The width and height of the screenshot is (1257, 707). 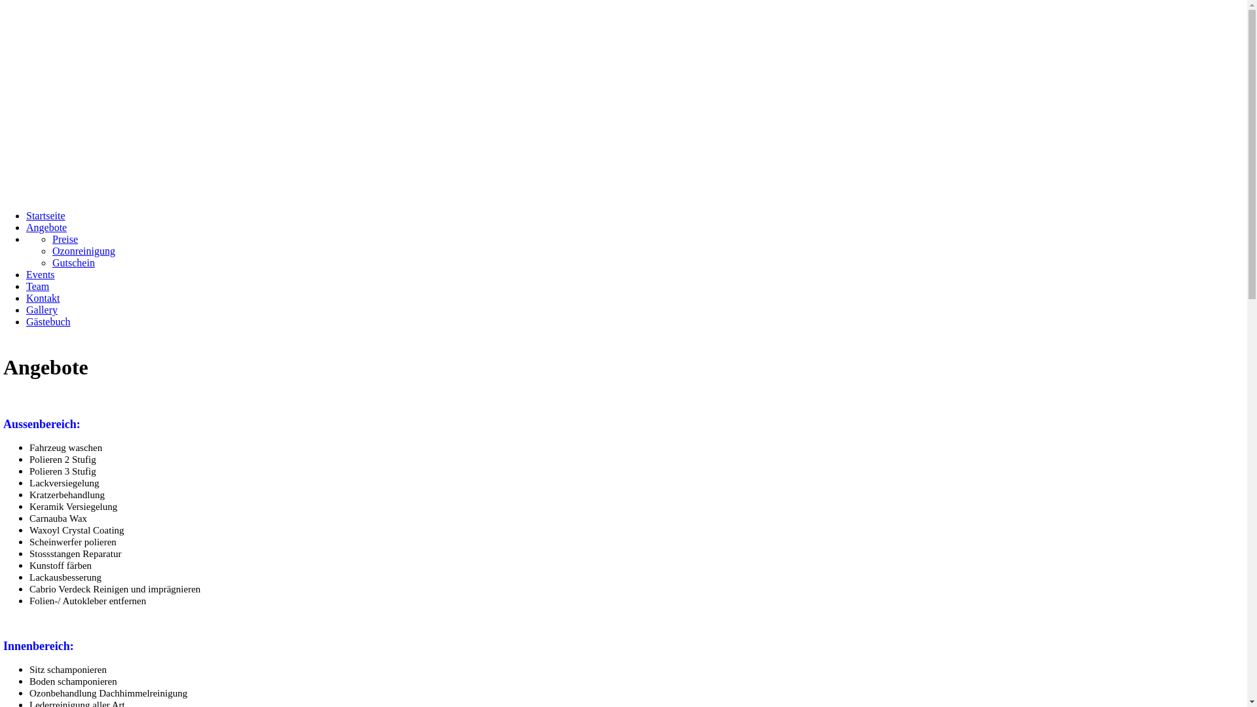 What do you see at coordinates (43, 298) in the screenshot?
I see `'Kontakt'` at bounding box center [43, 298].